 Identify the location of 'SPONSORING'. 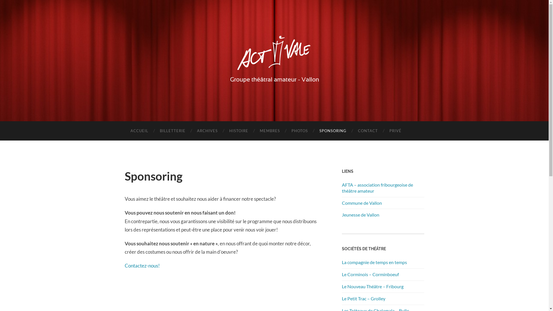
(313, 131).